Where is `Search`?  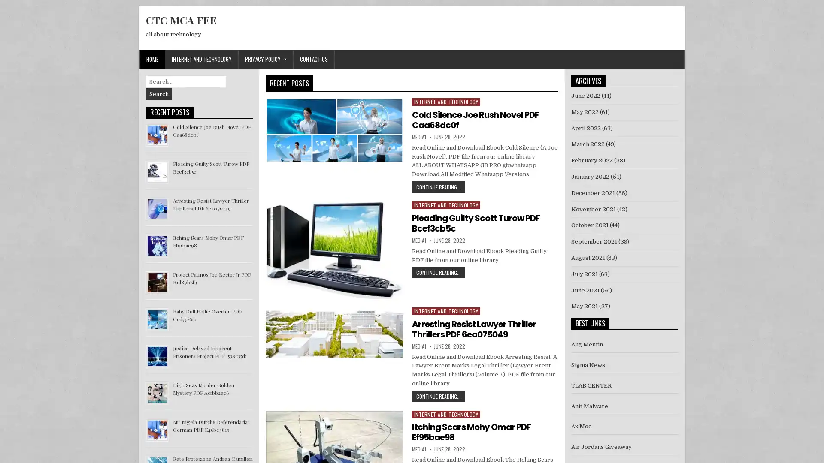
Search is located at coordinates (159, 94).